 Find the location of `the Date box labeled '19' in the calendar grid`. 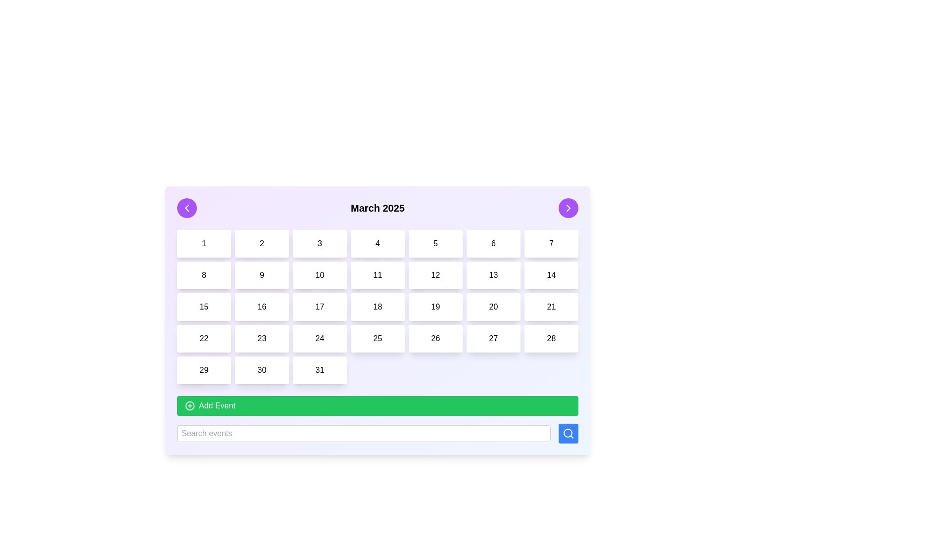

the Date box labeled '19' in the calendar grid is located at coordinates (435, 307).